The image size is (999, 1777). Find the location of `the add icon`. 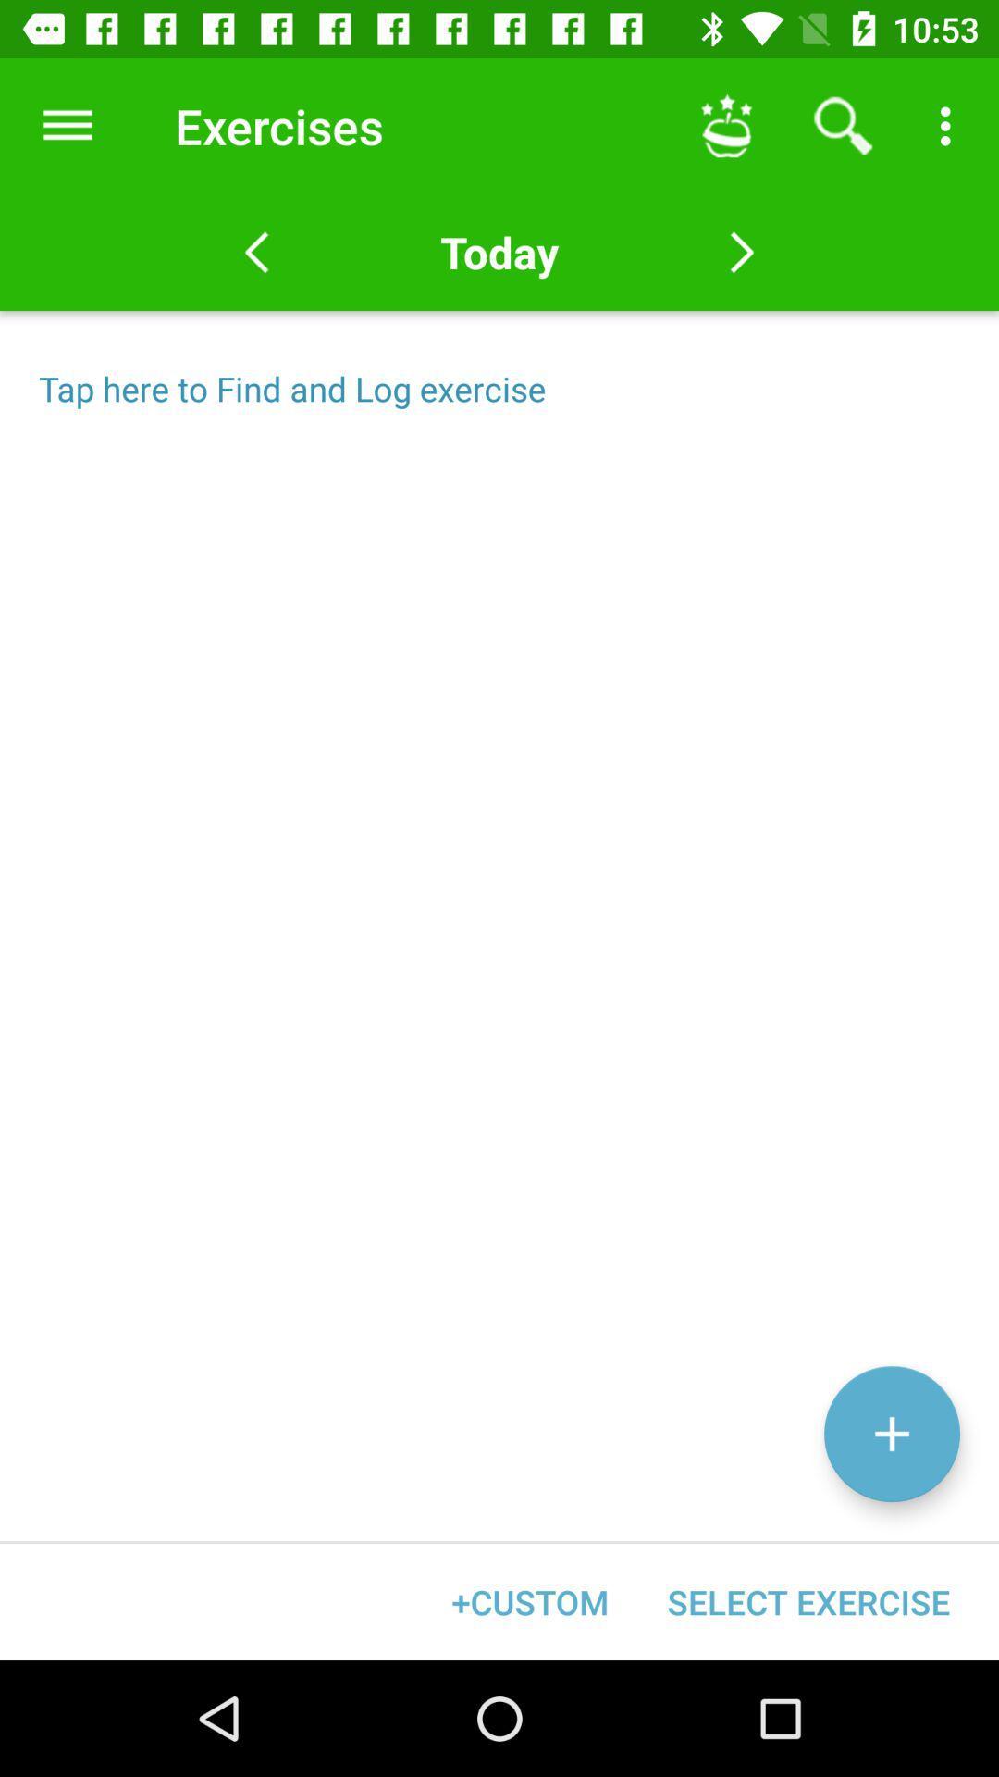

the add icon is located at coordinates (891, 1433).